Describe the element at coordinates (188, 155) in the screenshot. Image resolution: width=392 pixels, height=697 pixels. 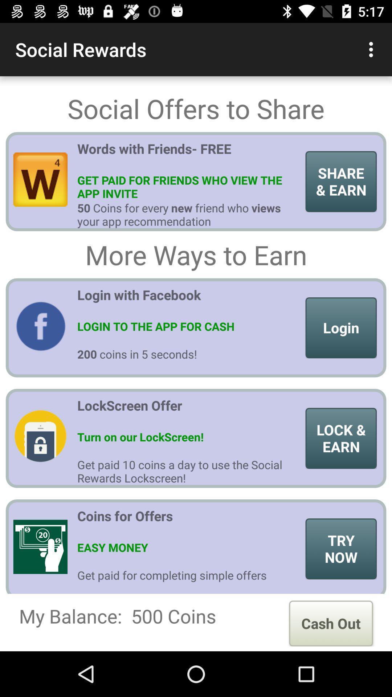
I see `words with friends item` at that location.